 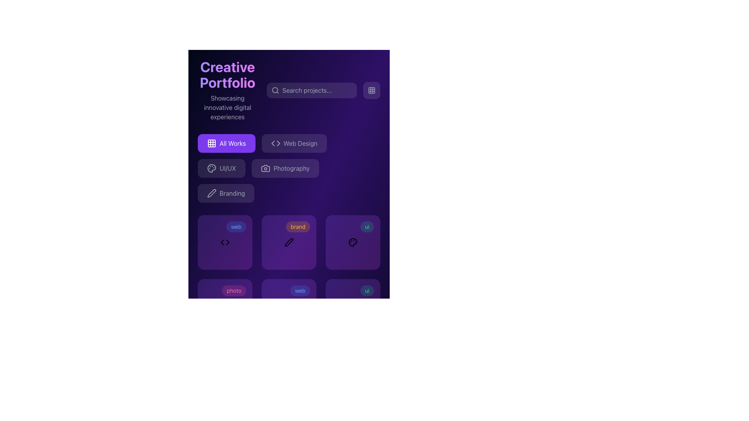 I want to click on text label displaying 'Photography' in white on a purple background, located in the second row and third column of buttons, adjacent to a camera icon, so click(x=291, y=168).